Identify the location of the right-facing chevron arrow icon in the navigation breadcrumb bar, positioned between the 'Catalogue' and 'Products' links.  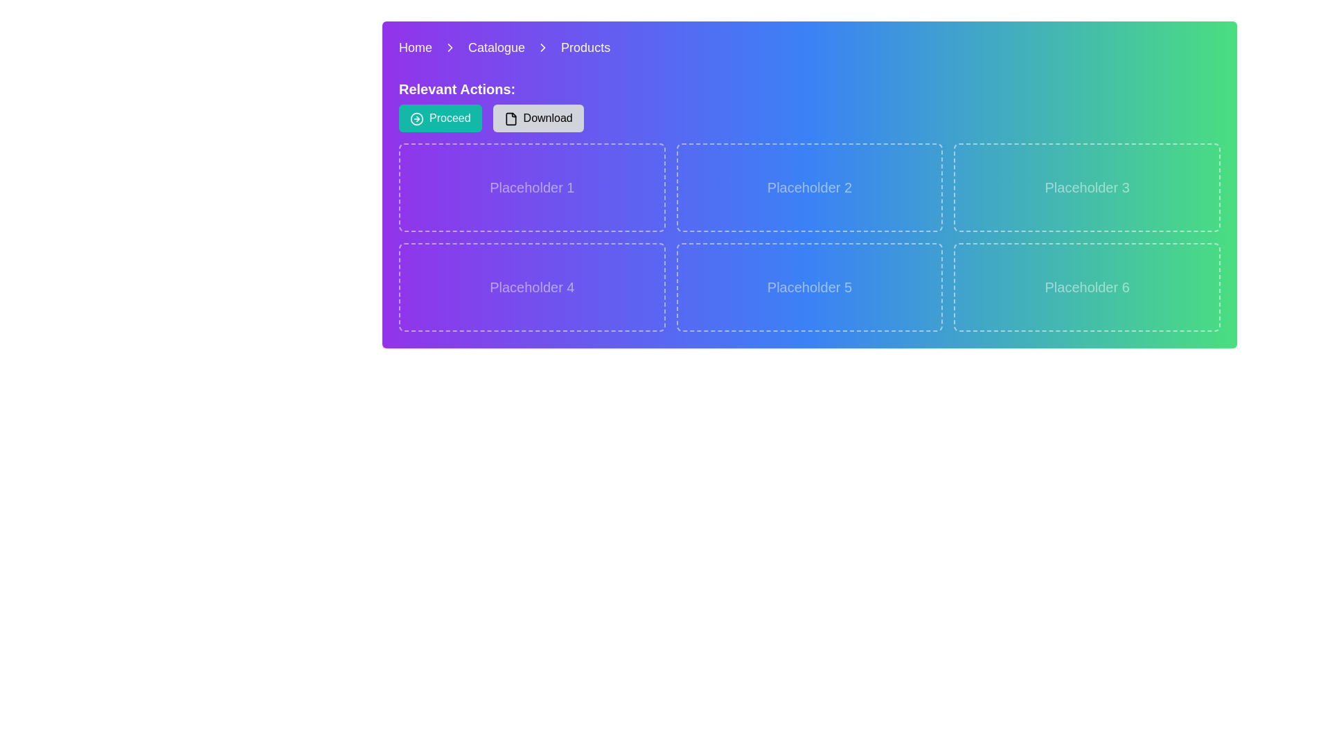
(542, 47).